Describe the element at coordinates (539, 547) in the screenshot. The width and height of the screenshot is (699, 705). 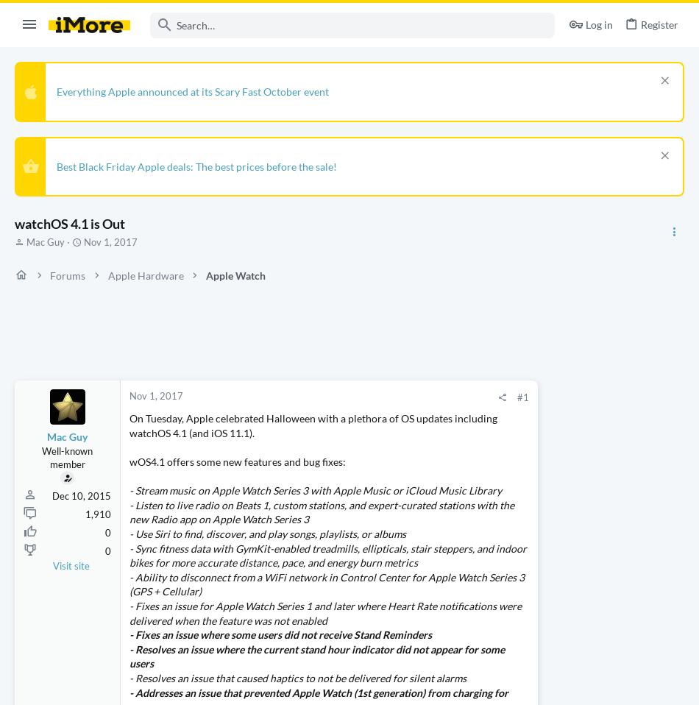
I see `'Android vs iPhone 15'` at that location.